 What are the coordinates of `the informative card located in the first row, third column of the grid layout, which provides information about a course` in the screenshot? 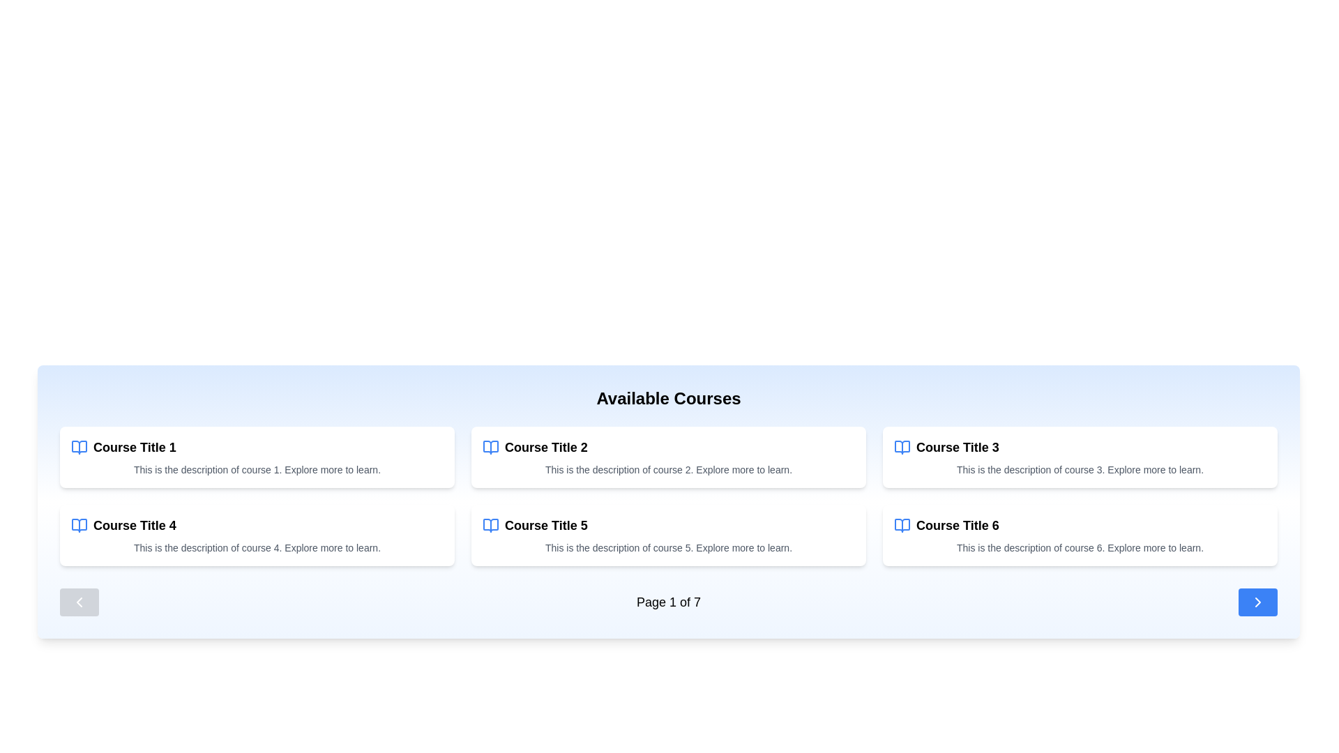 It's located at (1080, 457).